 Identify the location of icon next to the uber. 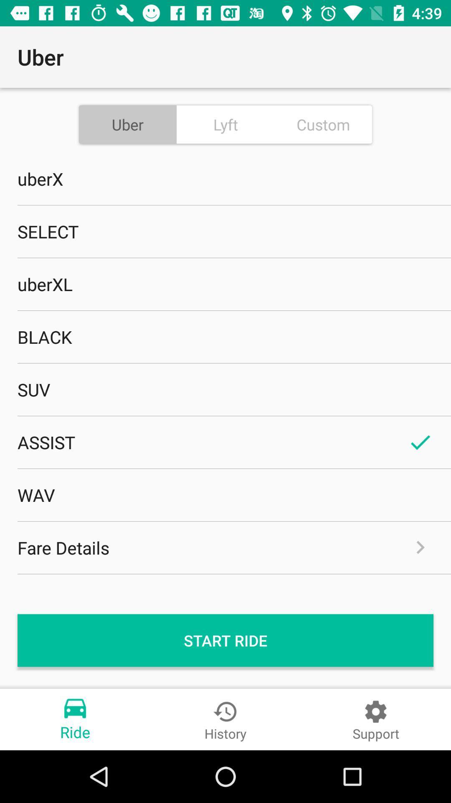
(225, 124).